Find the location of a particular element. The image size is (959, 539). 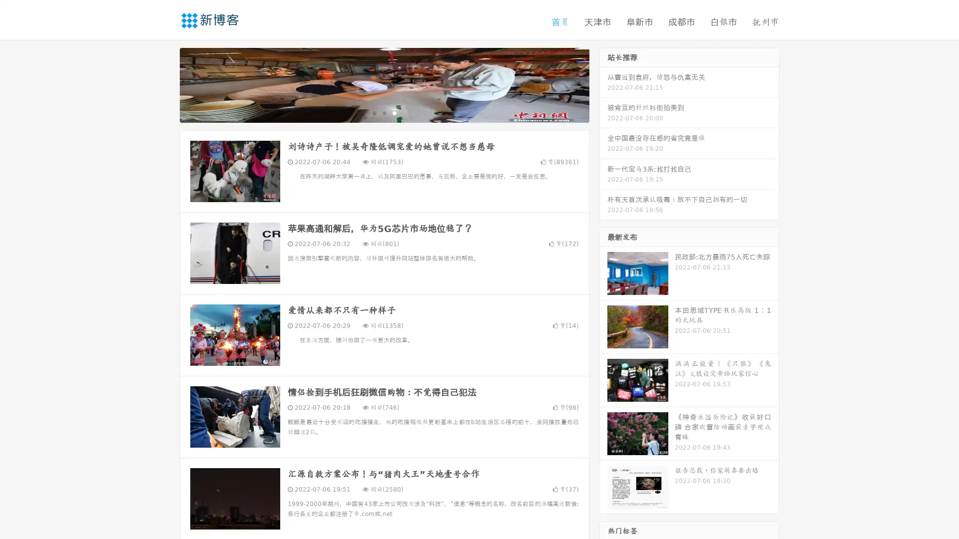

Go to slide 3 is located at coordinates (394, 112).